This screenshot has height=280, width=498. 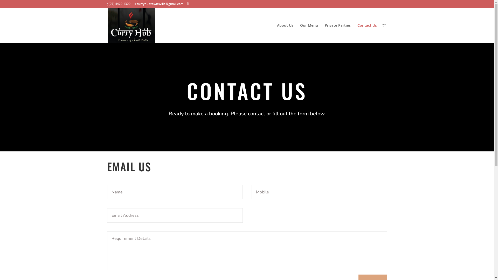 What do you see at coordinates (319, 192) in the screenshot?
I see `'Only numbers allowed.Minimum length: 10 characters. '` at bounding box center [319, 192].